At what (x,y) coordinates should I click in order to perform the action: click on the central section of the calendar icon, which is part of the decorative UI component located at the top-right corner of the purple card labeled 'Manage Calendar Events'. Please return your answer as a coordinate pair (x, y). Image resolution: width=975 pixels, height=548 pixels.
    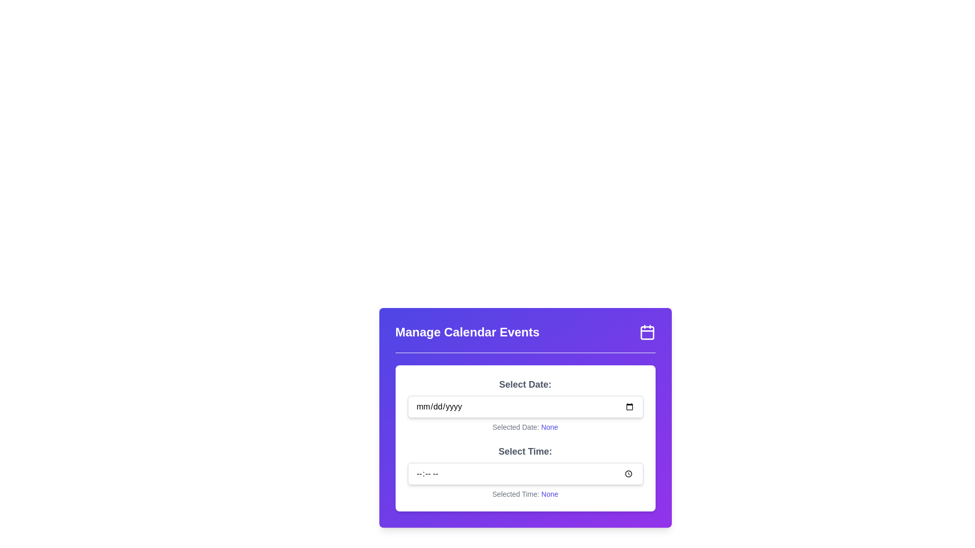
    Looking at the image, I should click on (646, 333).